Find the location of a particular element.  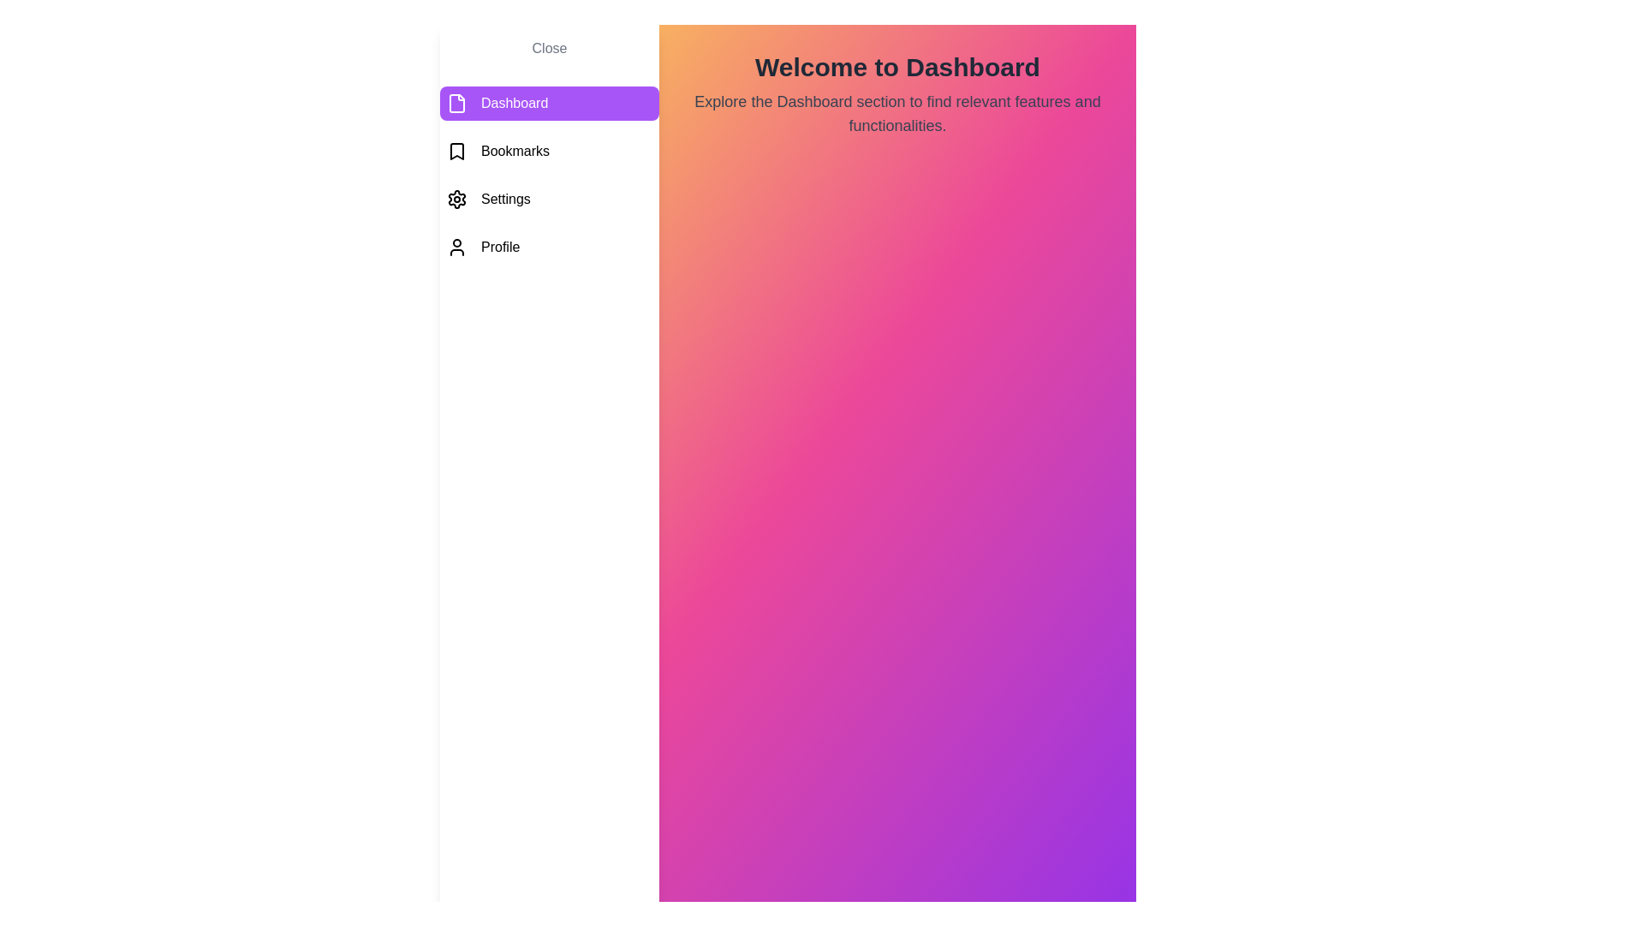

'Close' button to toggle the menu is located at coordinates (550, 48).